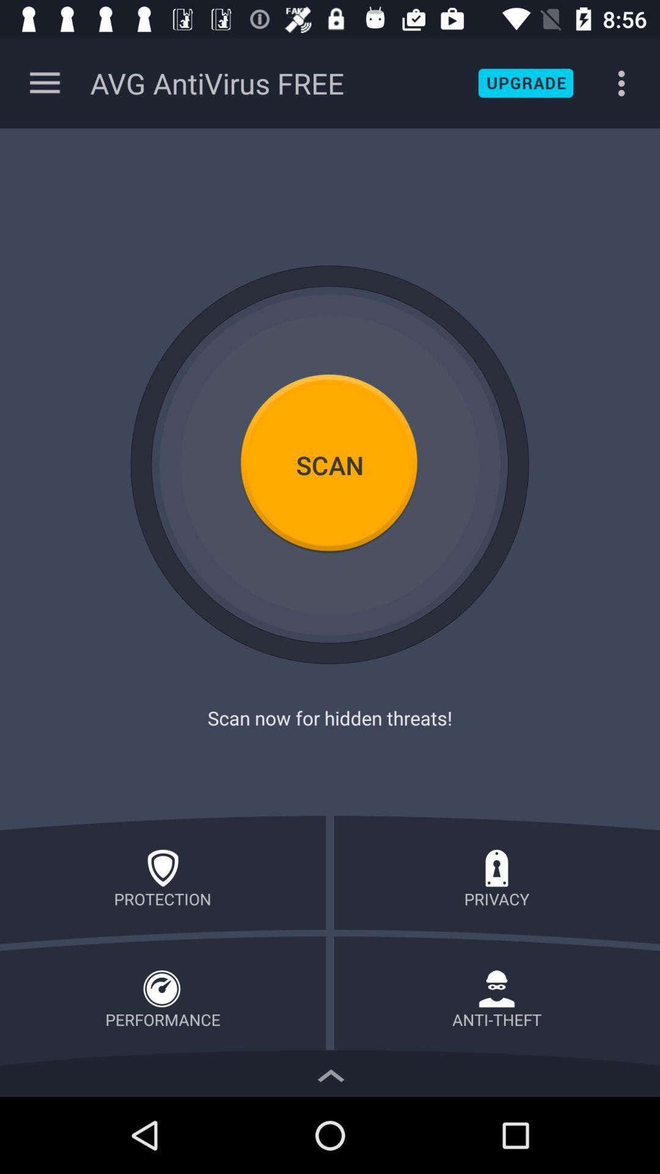 This screenshot has width=660, height=1174. Describe the element at coordinates (330, 464) in the screenshot. I see `scan option` at that location.